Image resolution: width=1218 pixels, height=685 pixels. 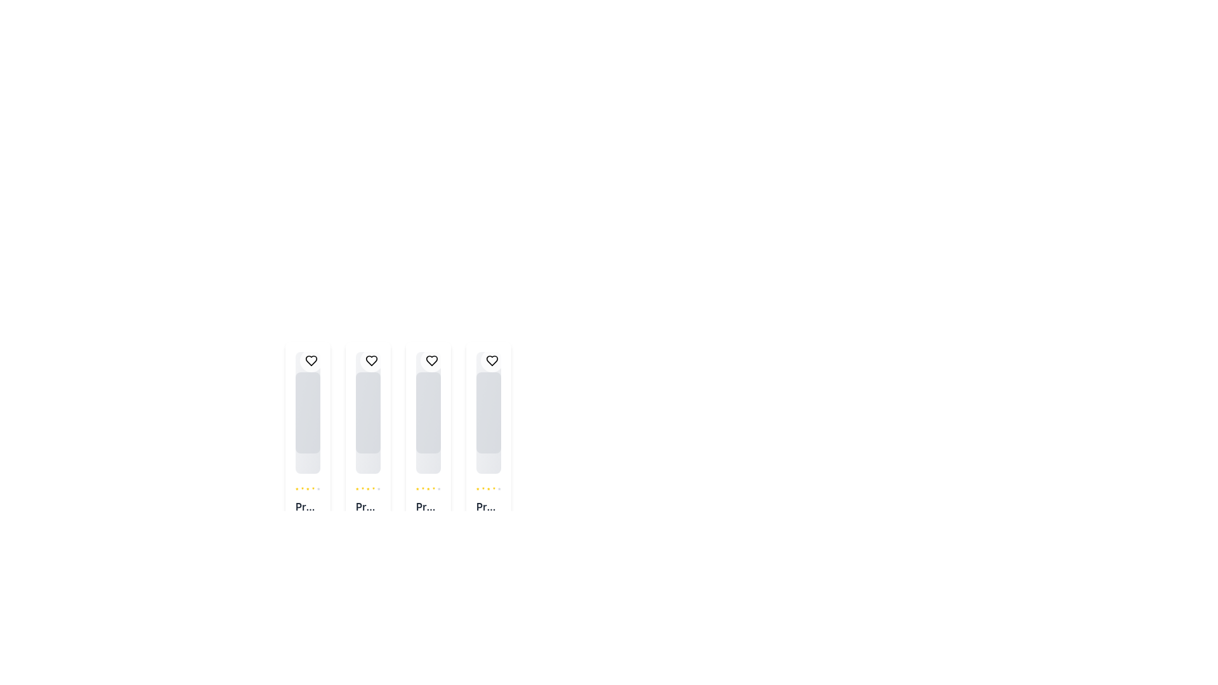 I want to click on the category section of the product card, so click(x=367, y=521).